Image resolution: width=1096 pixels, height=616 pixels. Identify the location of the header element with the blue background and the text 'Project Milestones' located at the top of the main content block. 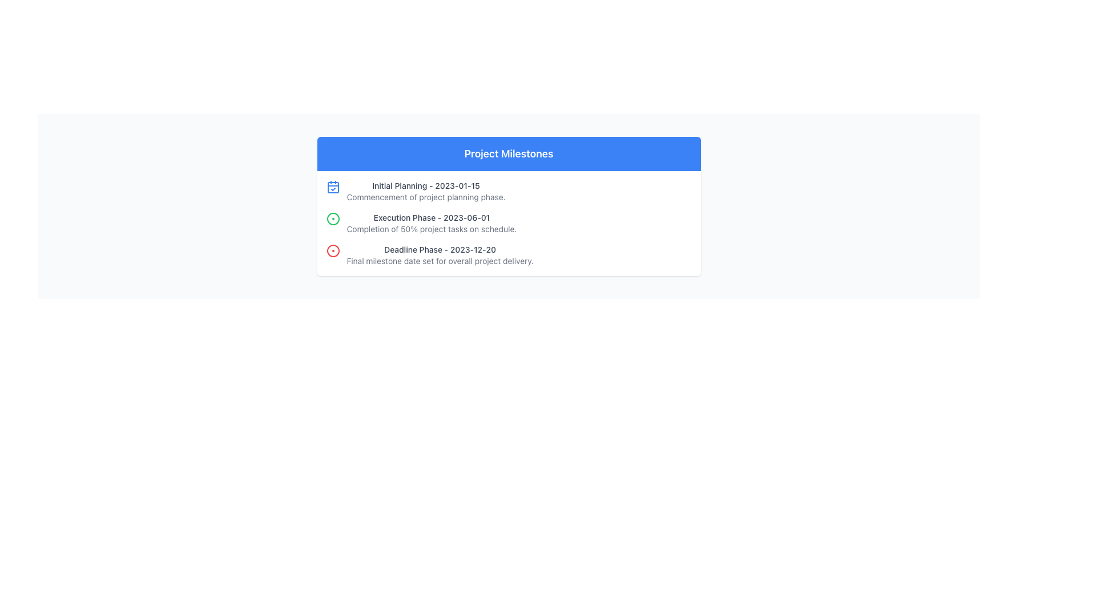
(508, 154).